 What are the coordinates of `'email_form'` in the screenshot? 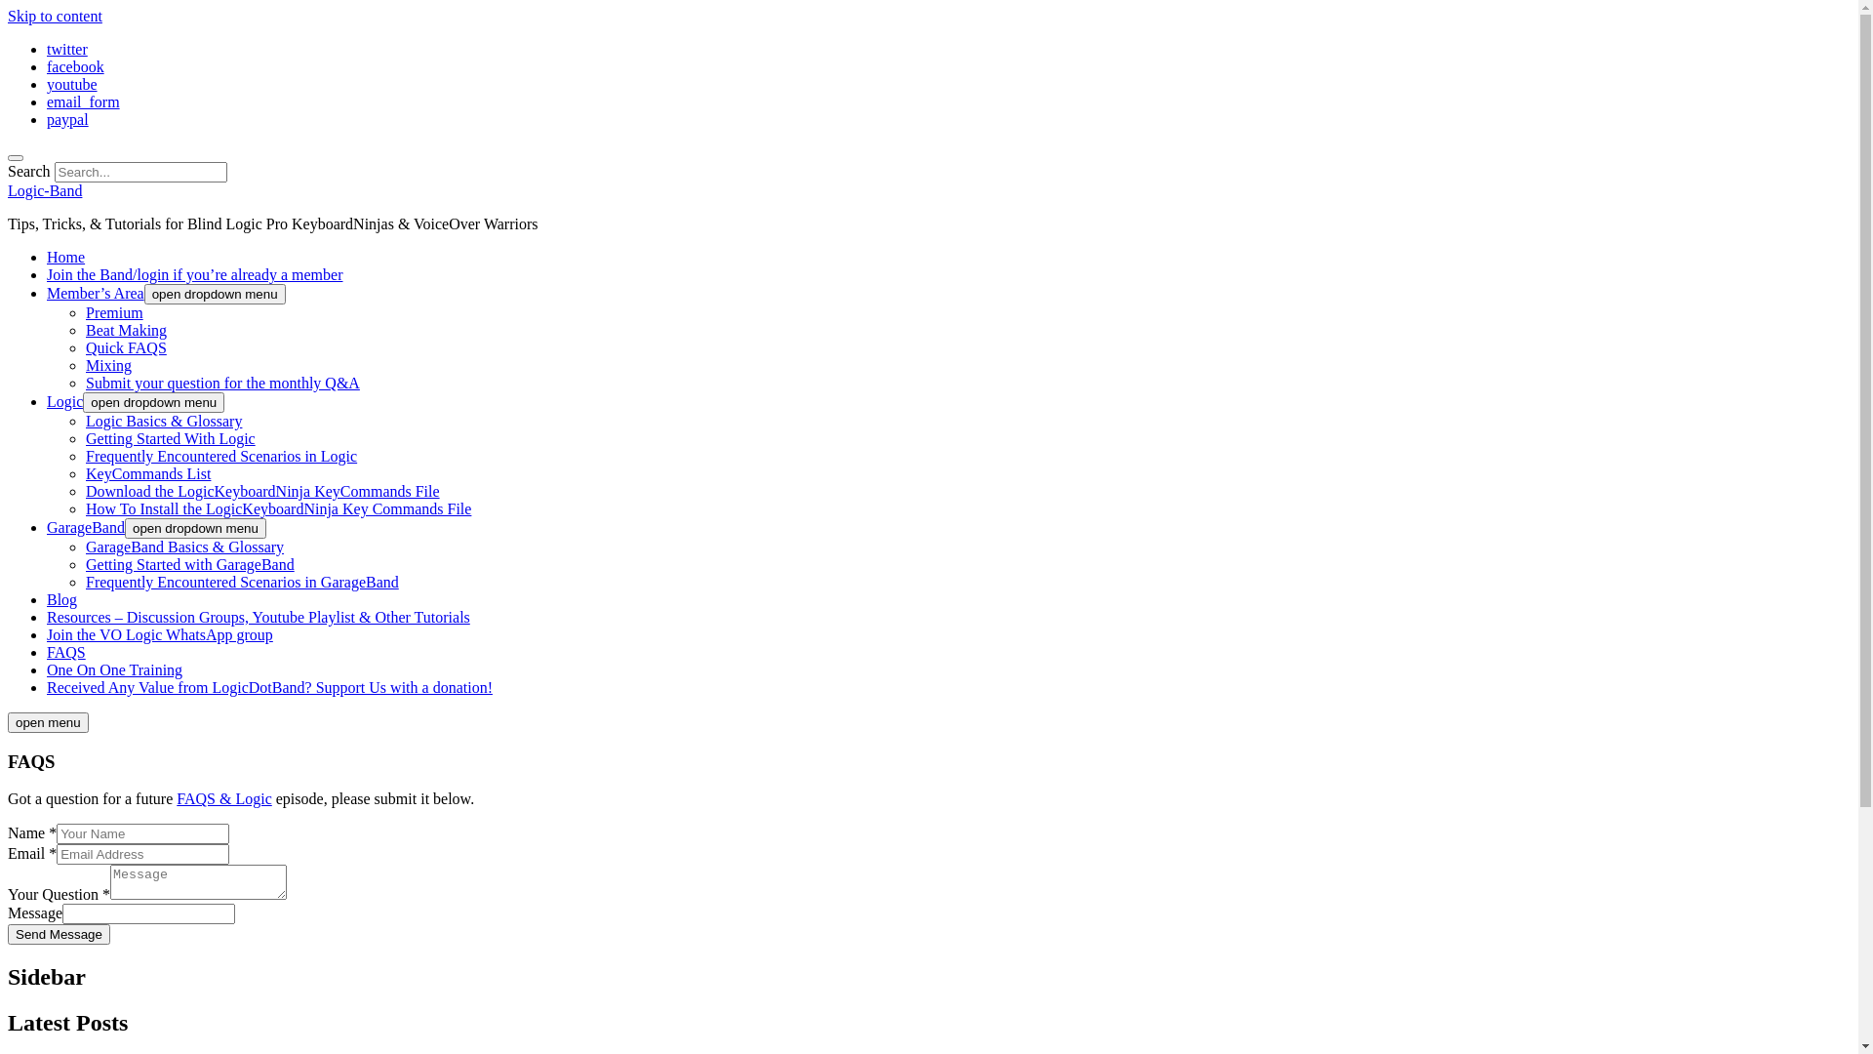 It's located at (82, 101).